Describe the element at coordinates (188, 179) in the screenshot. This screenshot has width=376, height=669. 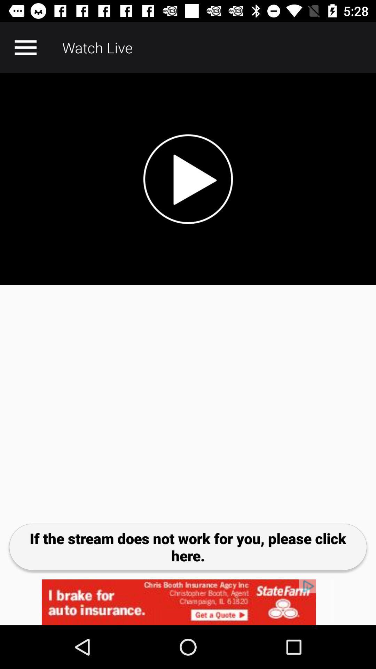
I see `play media` at that location.